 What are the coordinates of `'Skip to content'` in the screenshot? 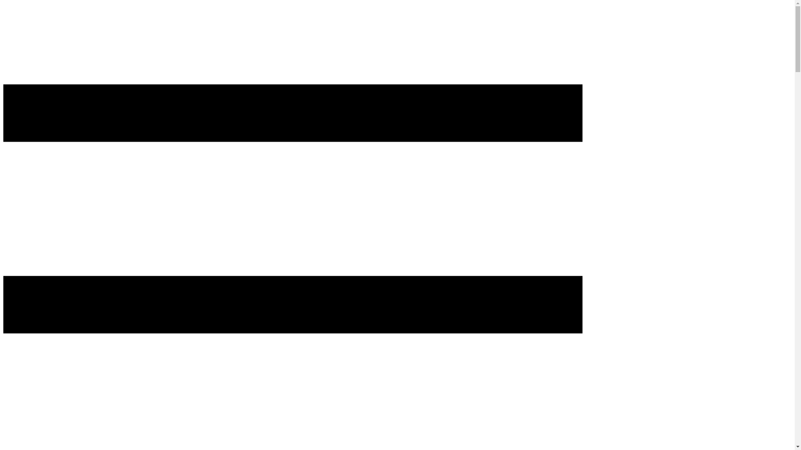 It's located at (3, 15).